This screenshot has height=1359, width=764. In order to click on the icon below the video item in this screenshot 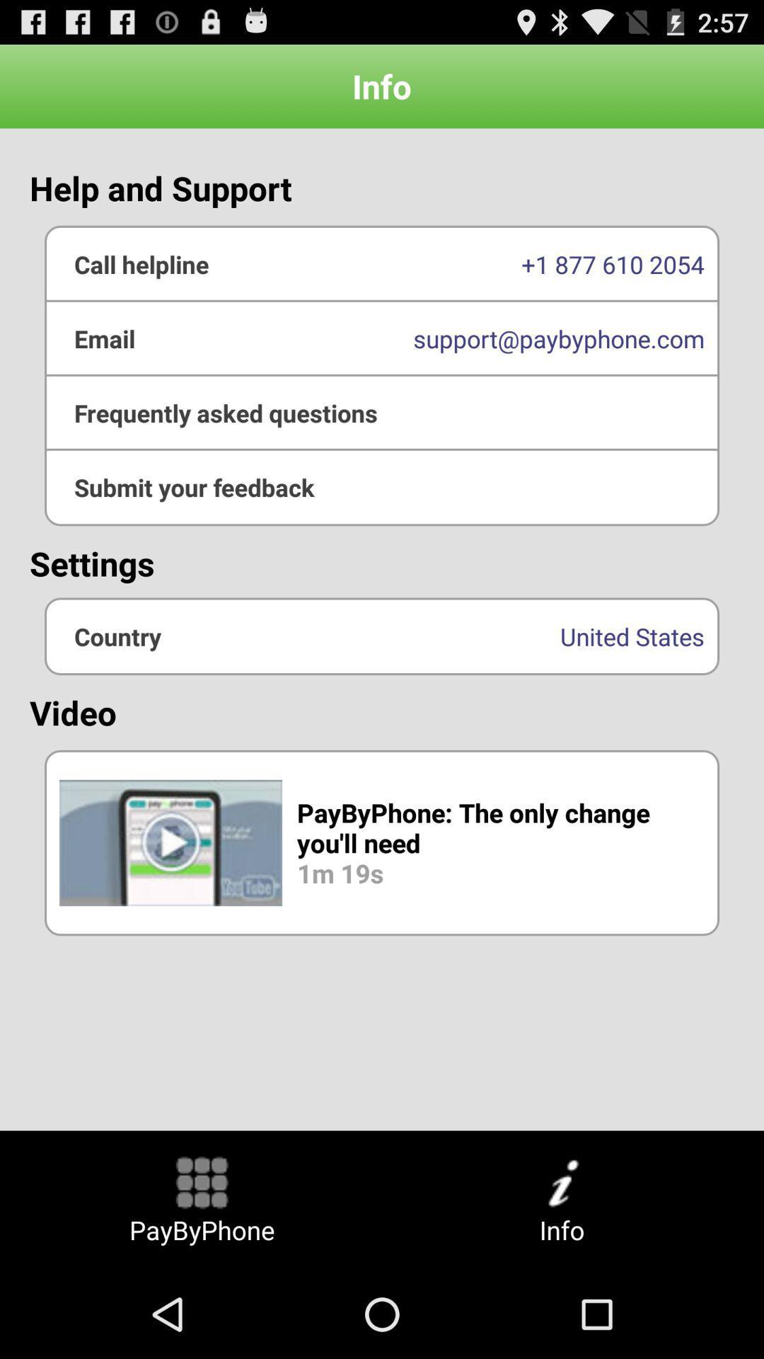, I will do `click(382, 842)`.